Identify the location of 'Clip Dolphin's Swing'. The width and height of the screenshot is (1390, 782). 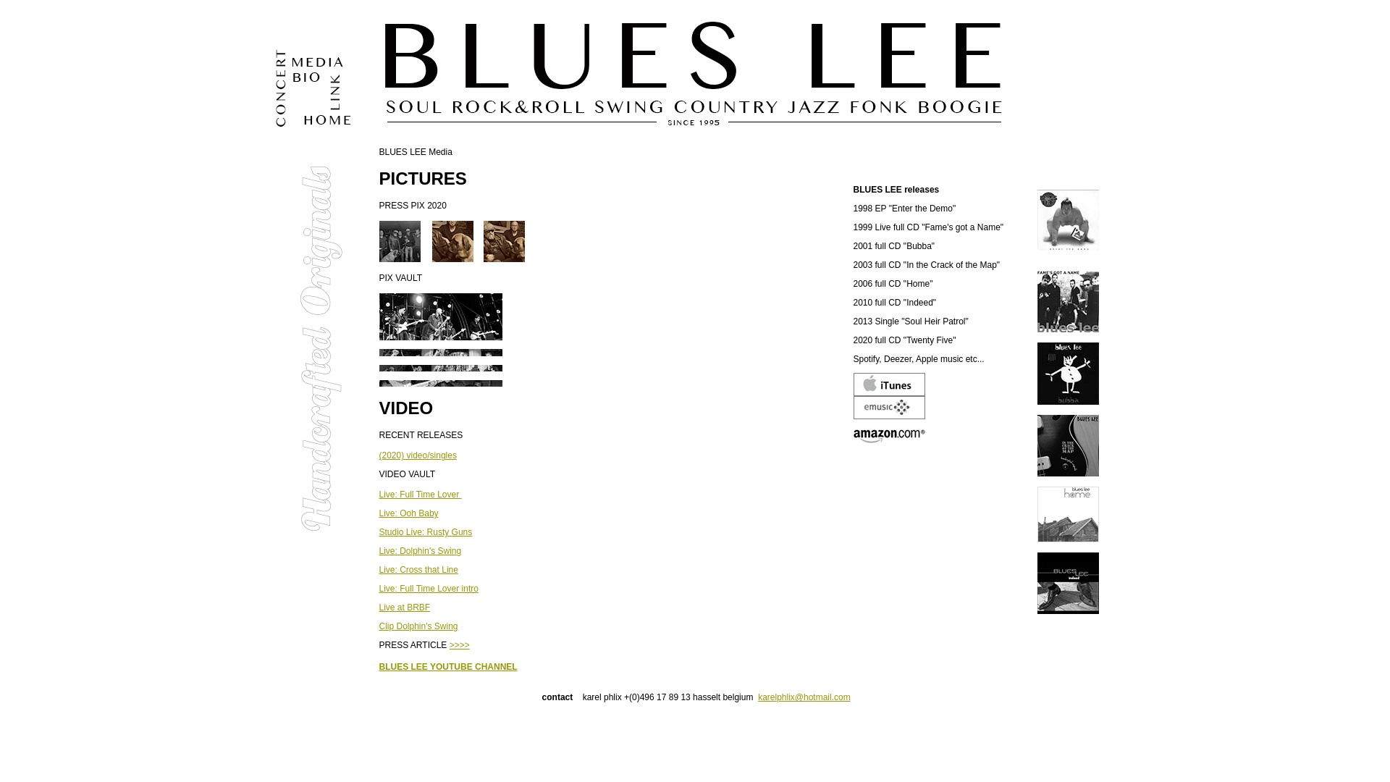
(418, 625).